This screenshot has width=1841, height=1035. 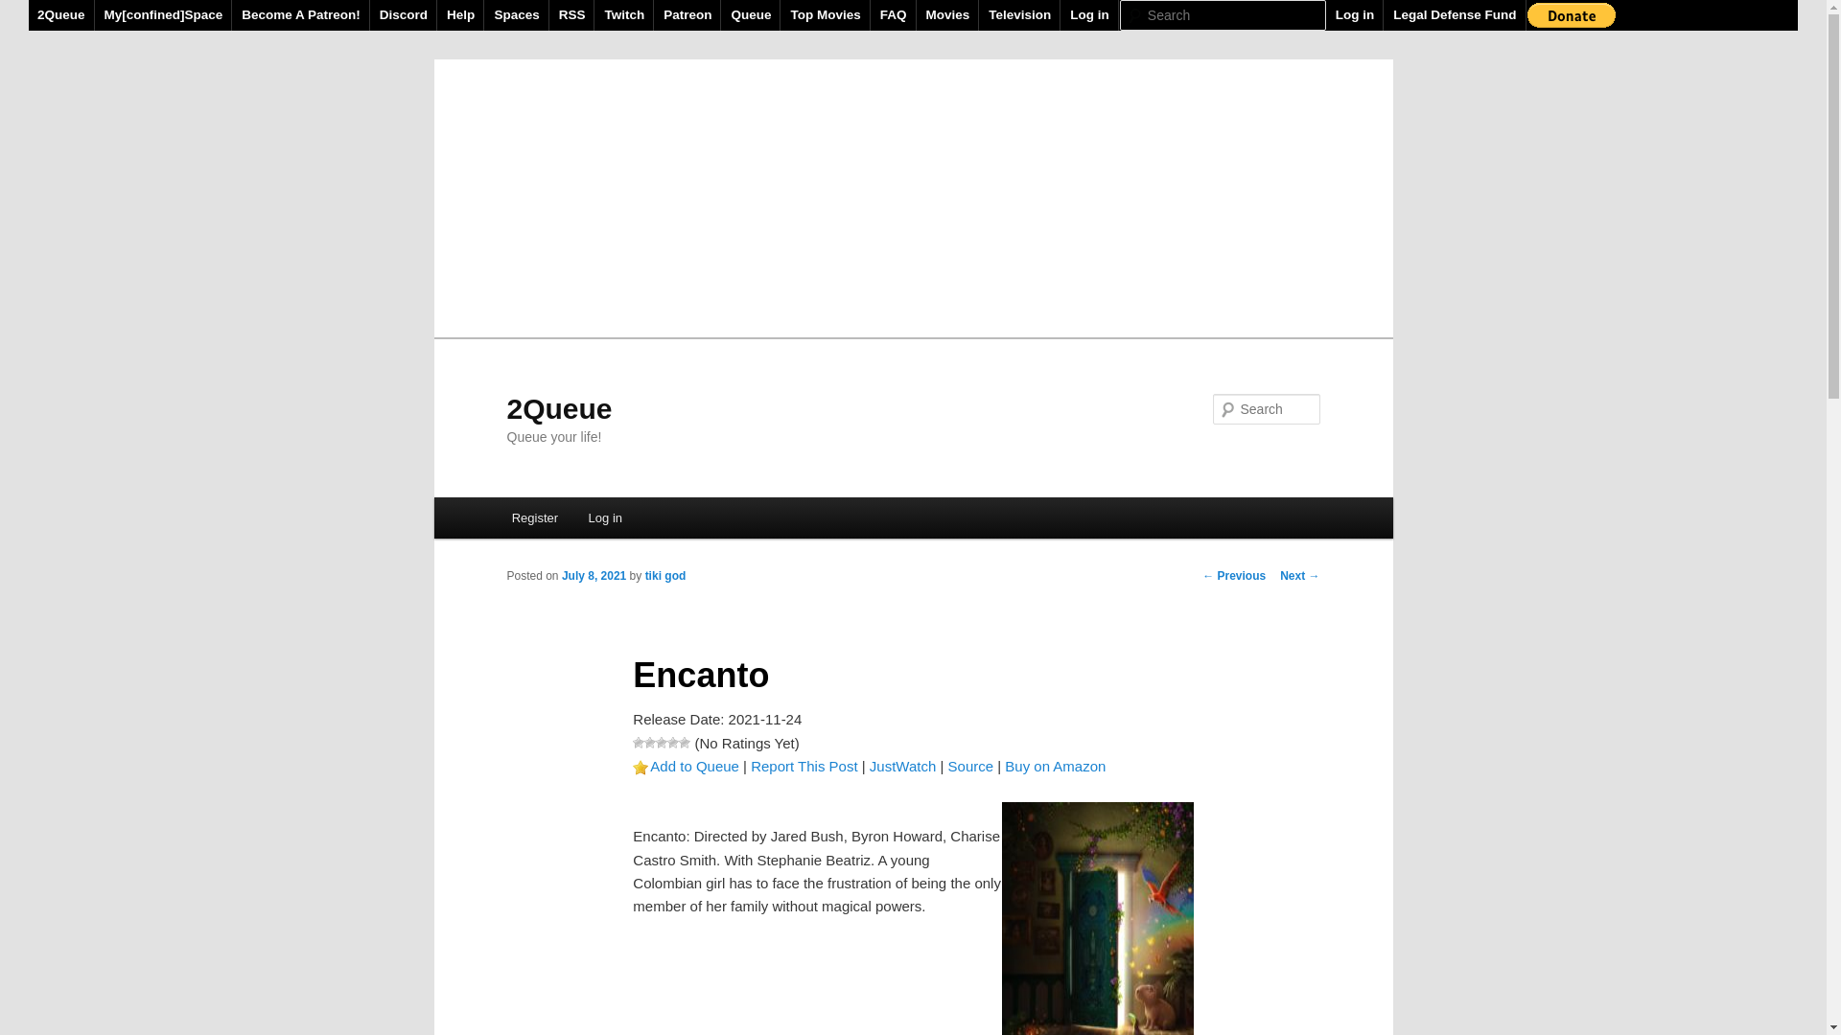 I want to click on 'PayPal - The safer, easier way to pay online!', so click(x=1571, y=14).